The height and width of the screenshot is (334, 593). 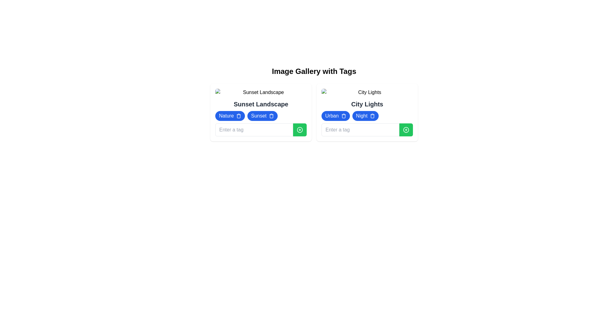 I want to click on the button located to the right of the 'Enter a tag' input field in the tag management interface for the 'Sunset Landscape' gallery item, so click(x=300, y=130).